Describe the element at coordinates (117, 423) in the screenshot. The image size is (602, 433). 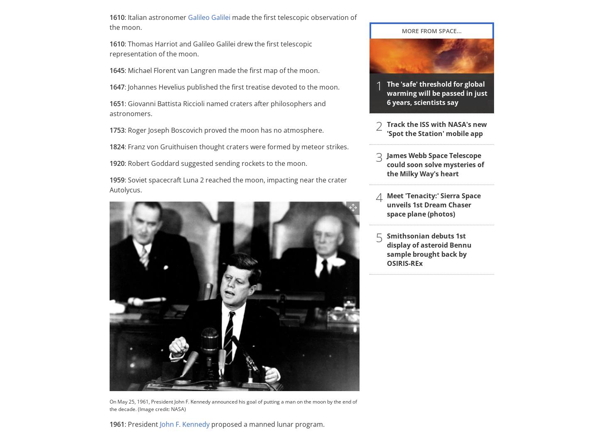
I see `'1961'` at that location.